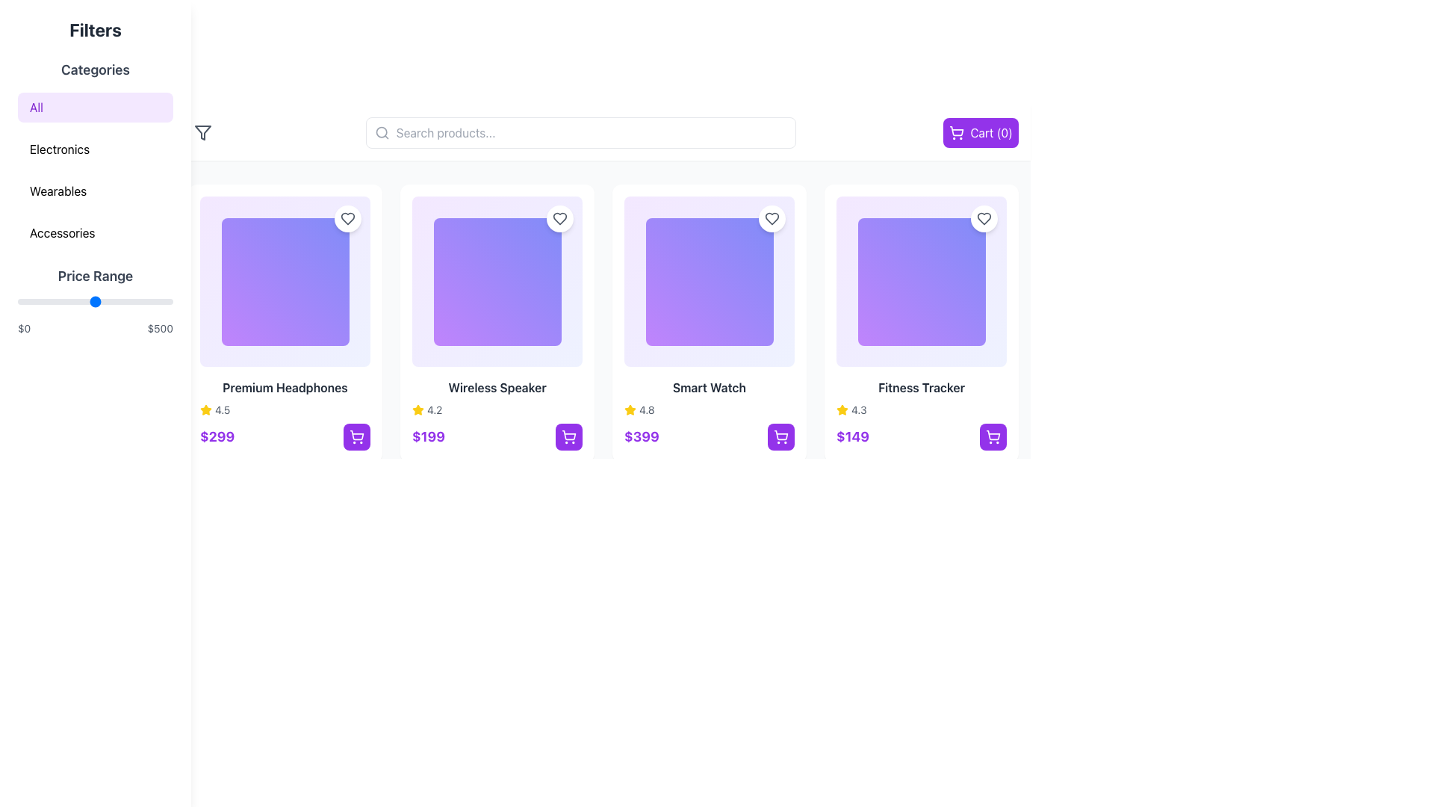 The image size is (1434, 807). I want to click on the button with a purple background and a white shopping cart icon located in the bottom-right area of the 'Wireless Speaker' product card, so click(568, 437).